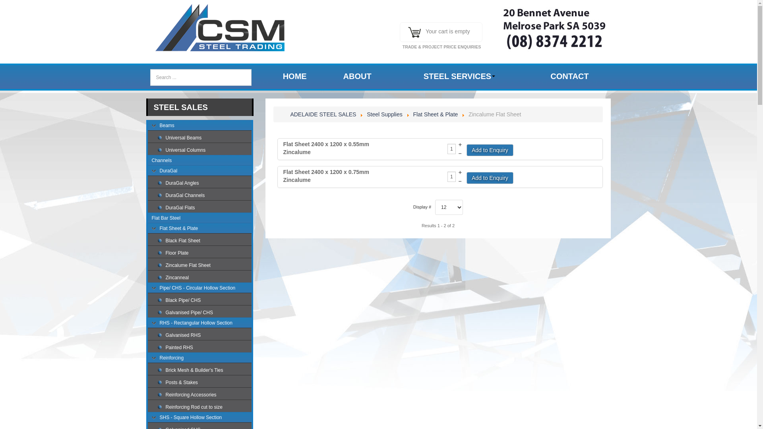 The image size is (763, 429). Describe the element at coordinates (200, 229) in the screenshot. I see `'Flat Sheet & Plate'` at that location.